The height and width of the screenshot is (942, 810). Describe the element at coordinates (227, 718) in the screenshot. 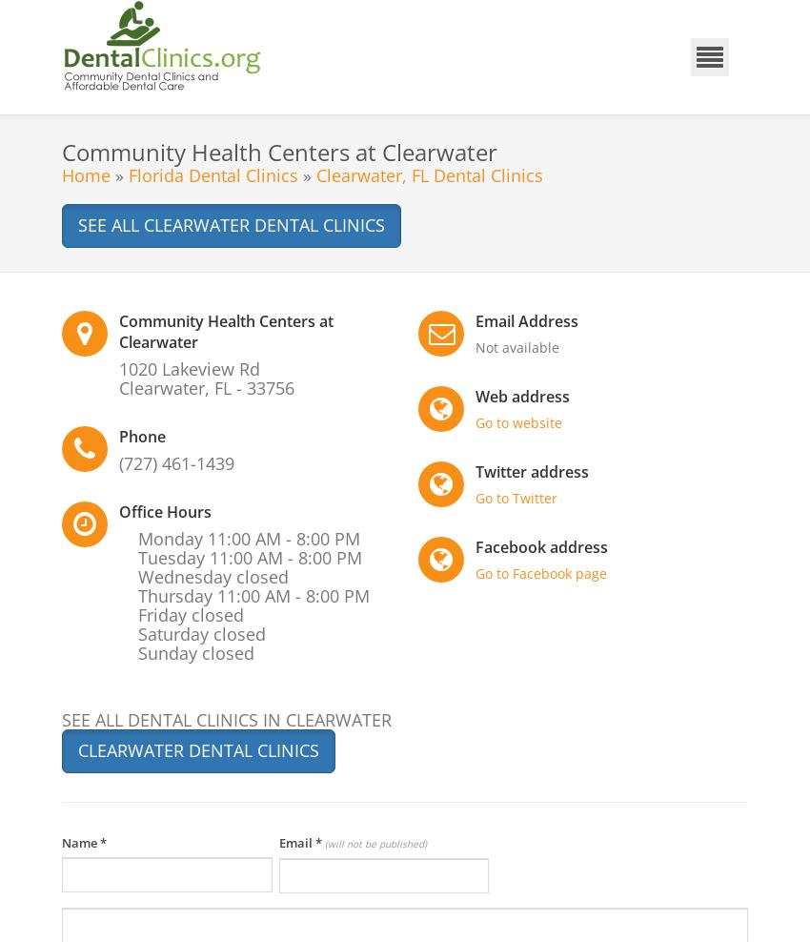

I see `'SEE ALL DENTAL CLINICS IN CLEARWATER'` at that location.